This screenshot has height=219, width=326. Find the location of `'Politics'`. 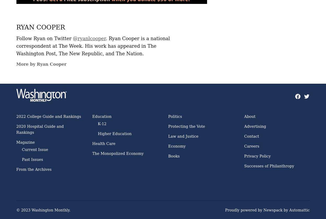

'Politics' is located at coordinates (175, 116).